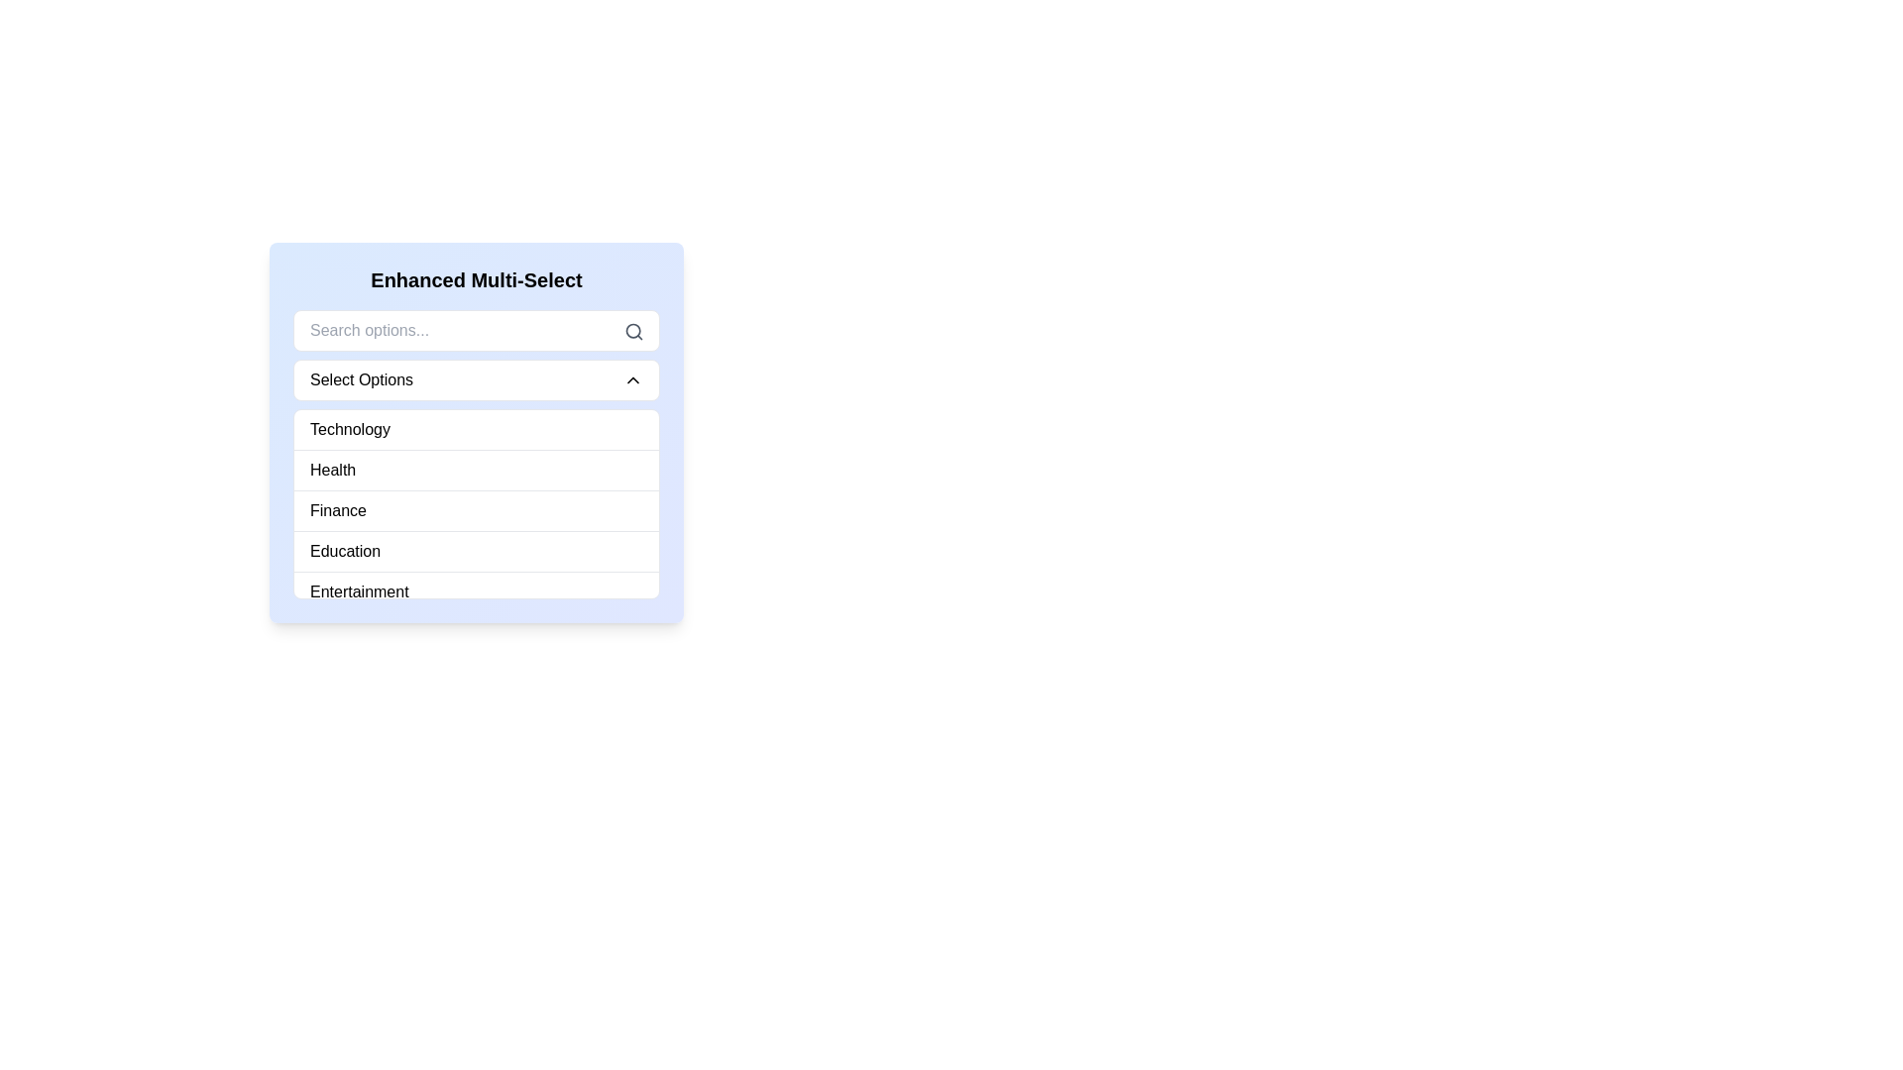 Image resolution: width=1903 pixels, height=1070 pixels. What do you see at coordinates (476, 470) in the screenshot?
I see `the 'Health' dropdown menu item, which is the second item in the list under 'Technology' and above 'Finance'` at bounding box center [476, 470].